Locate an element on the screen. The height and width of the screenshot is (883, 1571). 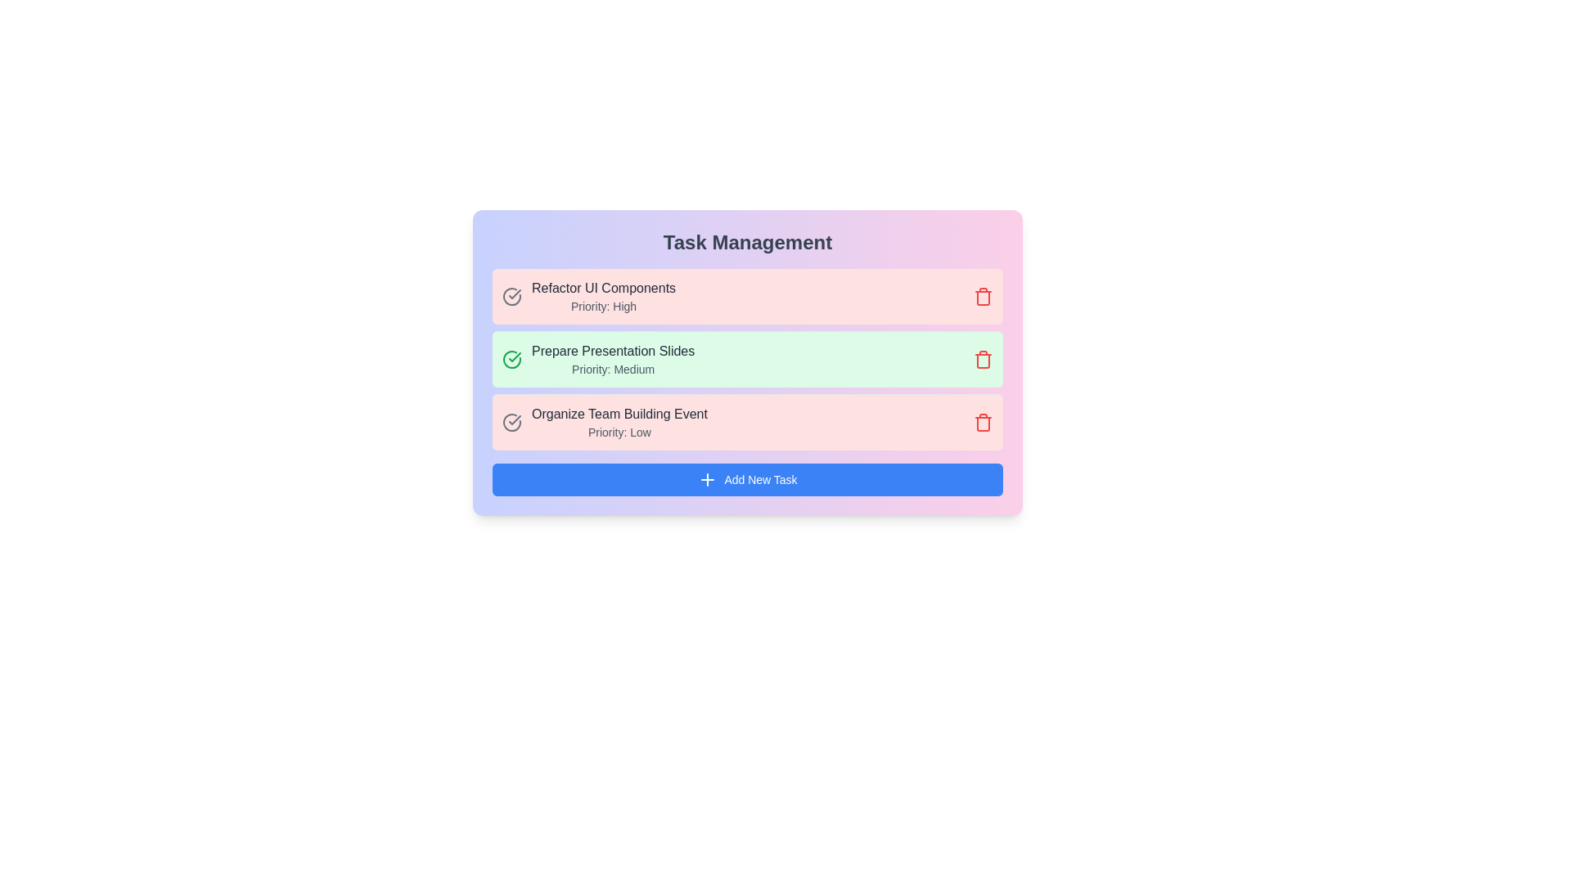
delete button for the task with the name 'Refactor UI Components' is located at coordinates (982, 296).